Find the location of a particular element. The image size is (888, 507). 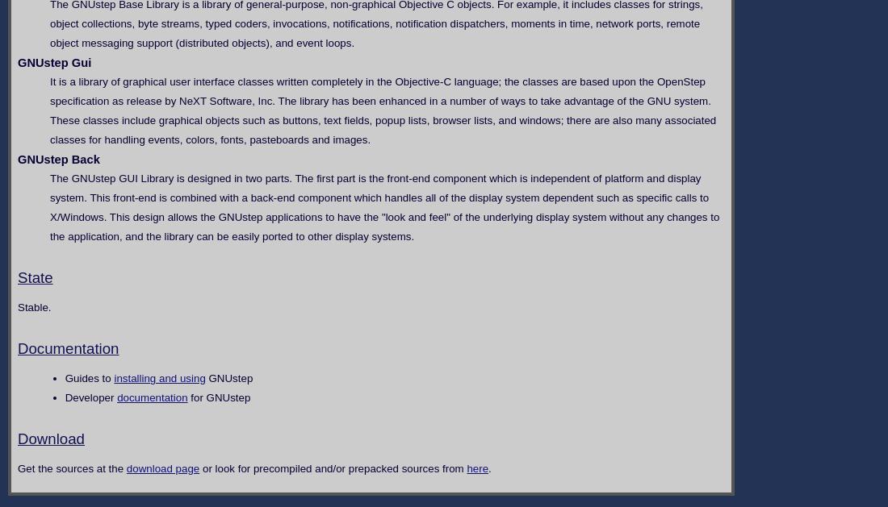

'Get the sources at the' is located at coordinates (71, 468).